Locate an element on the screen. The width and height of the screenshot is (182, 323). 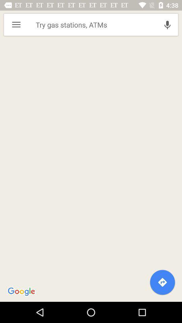
icon at the top right corner is located at coordinates (167, 25).